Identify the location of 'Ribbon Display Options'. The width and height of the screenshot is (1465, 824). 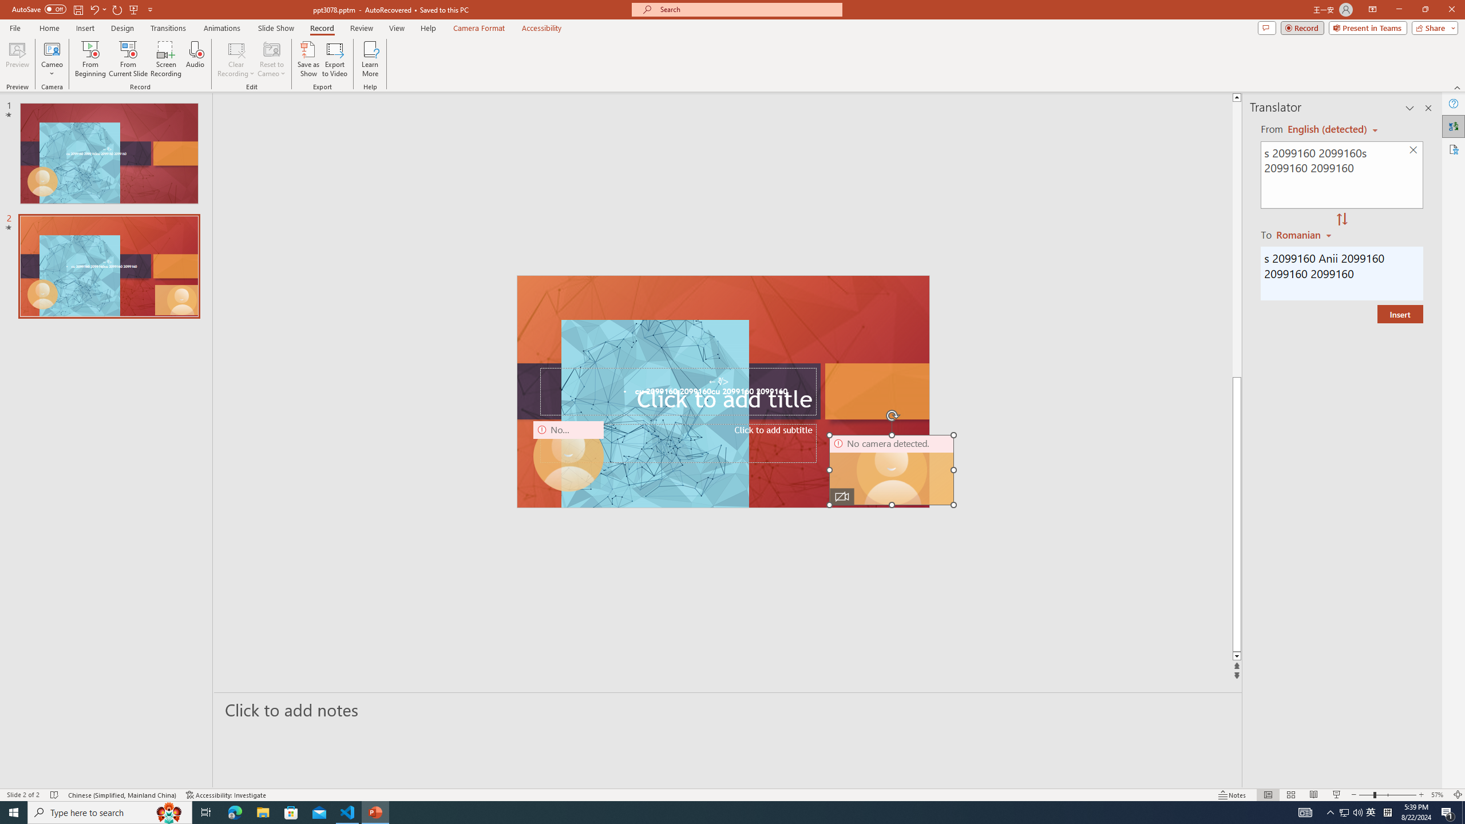
(1372, 9).